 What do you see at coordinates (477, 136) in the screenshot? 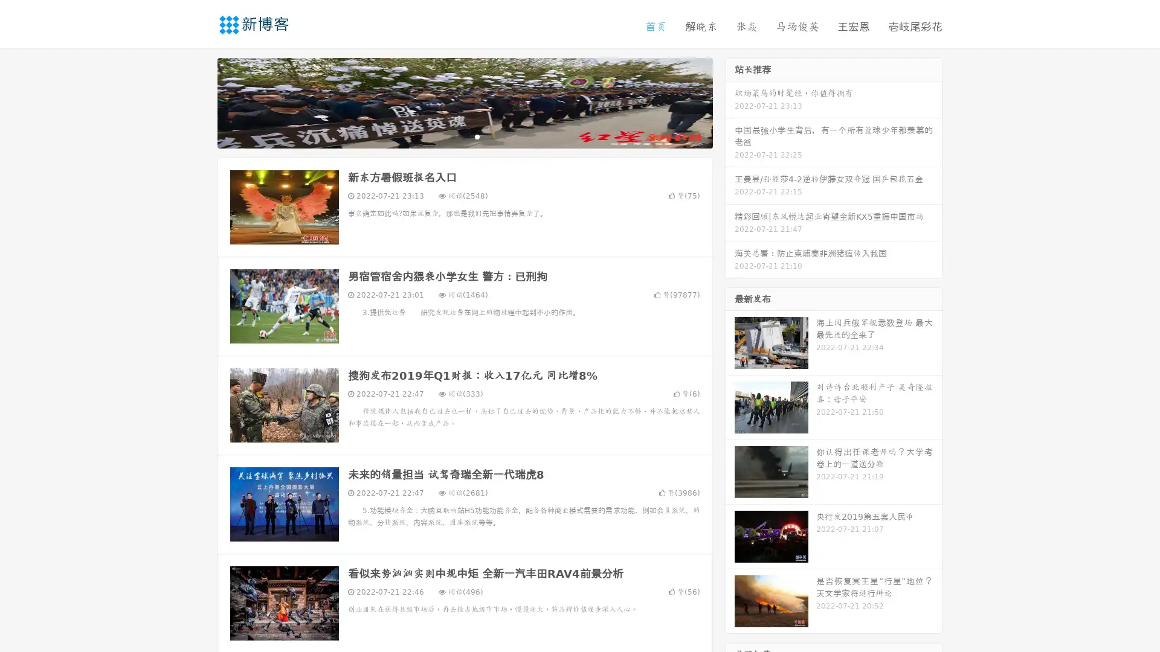
I see `Go to slide 3` at bounding box center [477, 136].